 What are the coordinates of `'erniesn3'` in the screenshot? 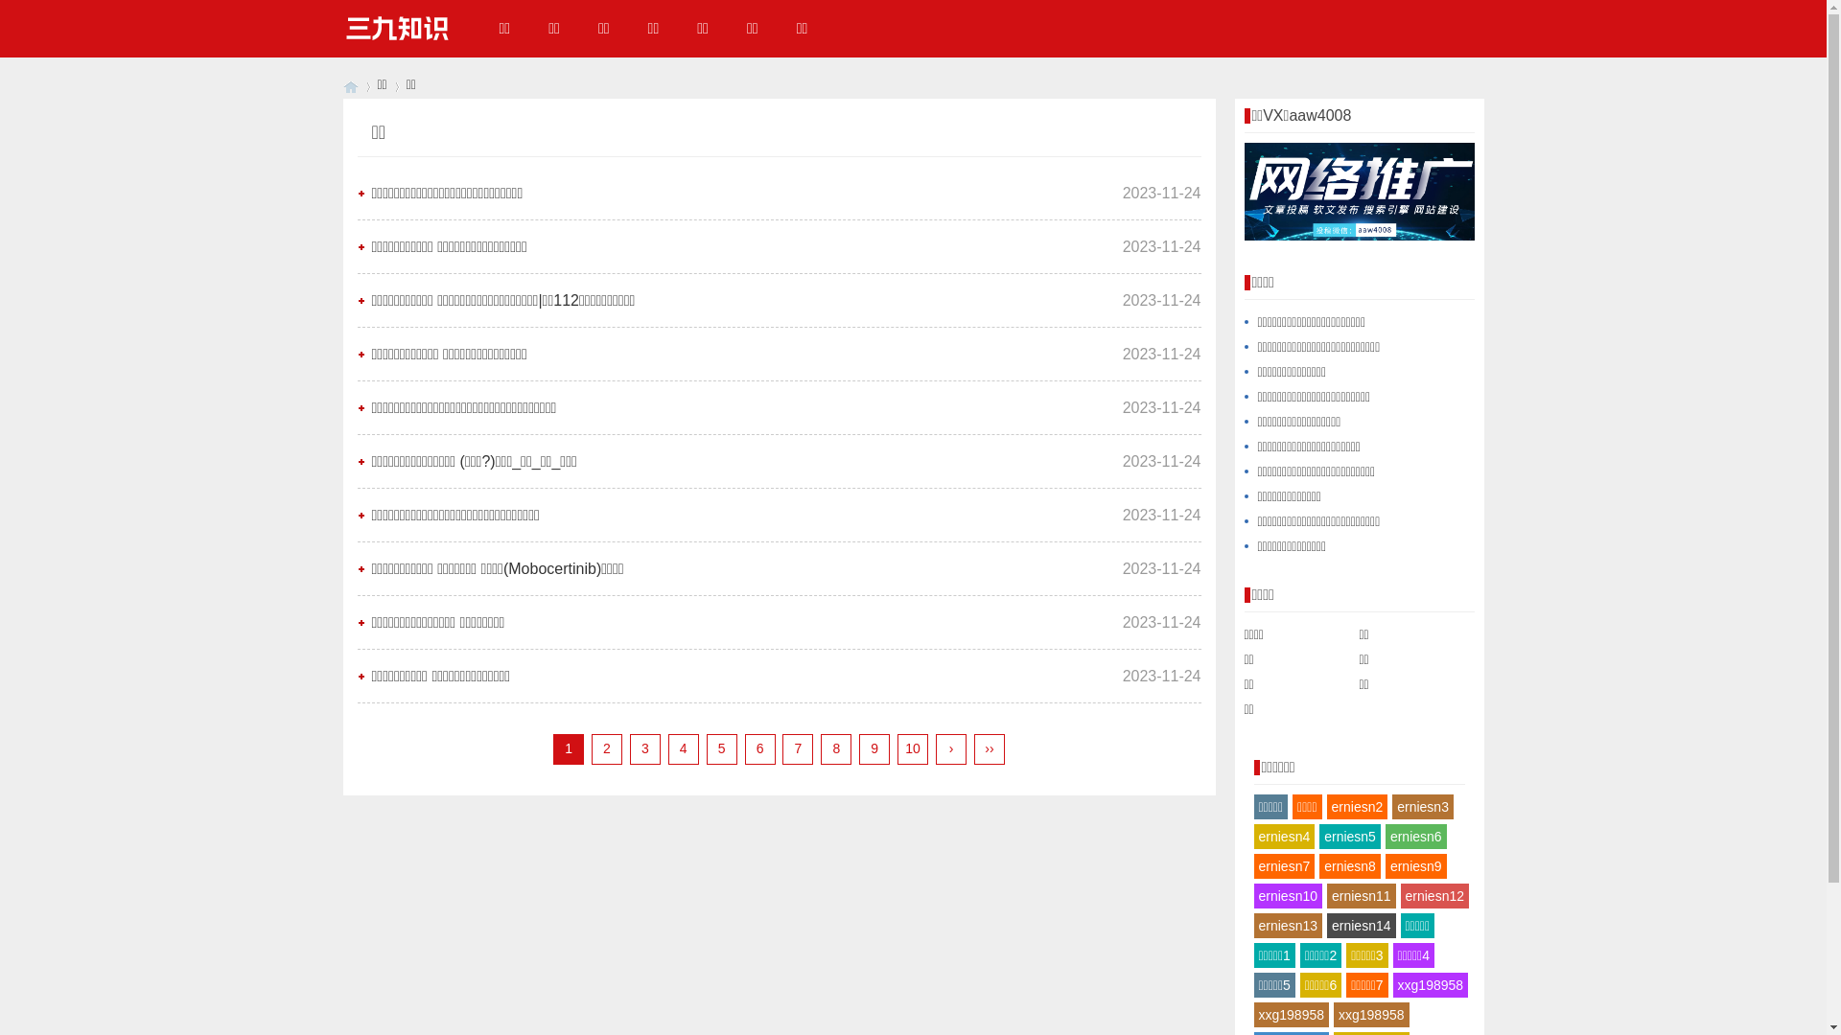 It's located at (1422, 806).